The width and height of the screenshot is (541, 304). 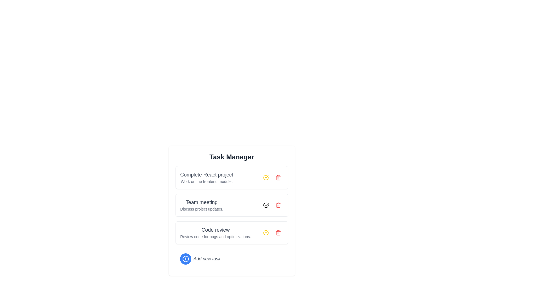 I want to click on the text block containing the title 'Code review' and the description 'Review code for bugs and optimizations.' located in the third task card of the Task Manager interface, so click(x=215, y=233).